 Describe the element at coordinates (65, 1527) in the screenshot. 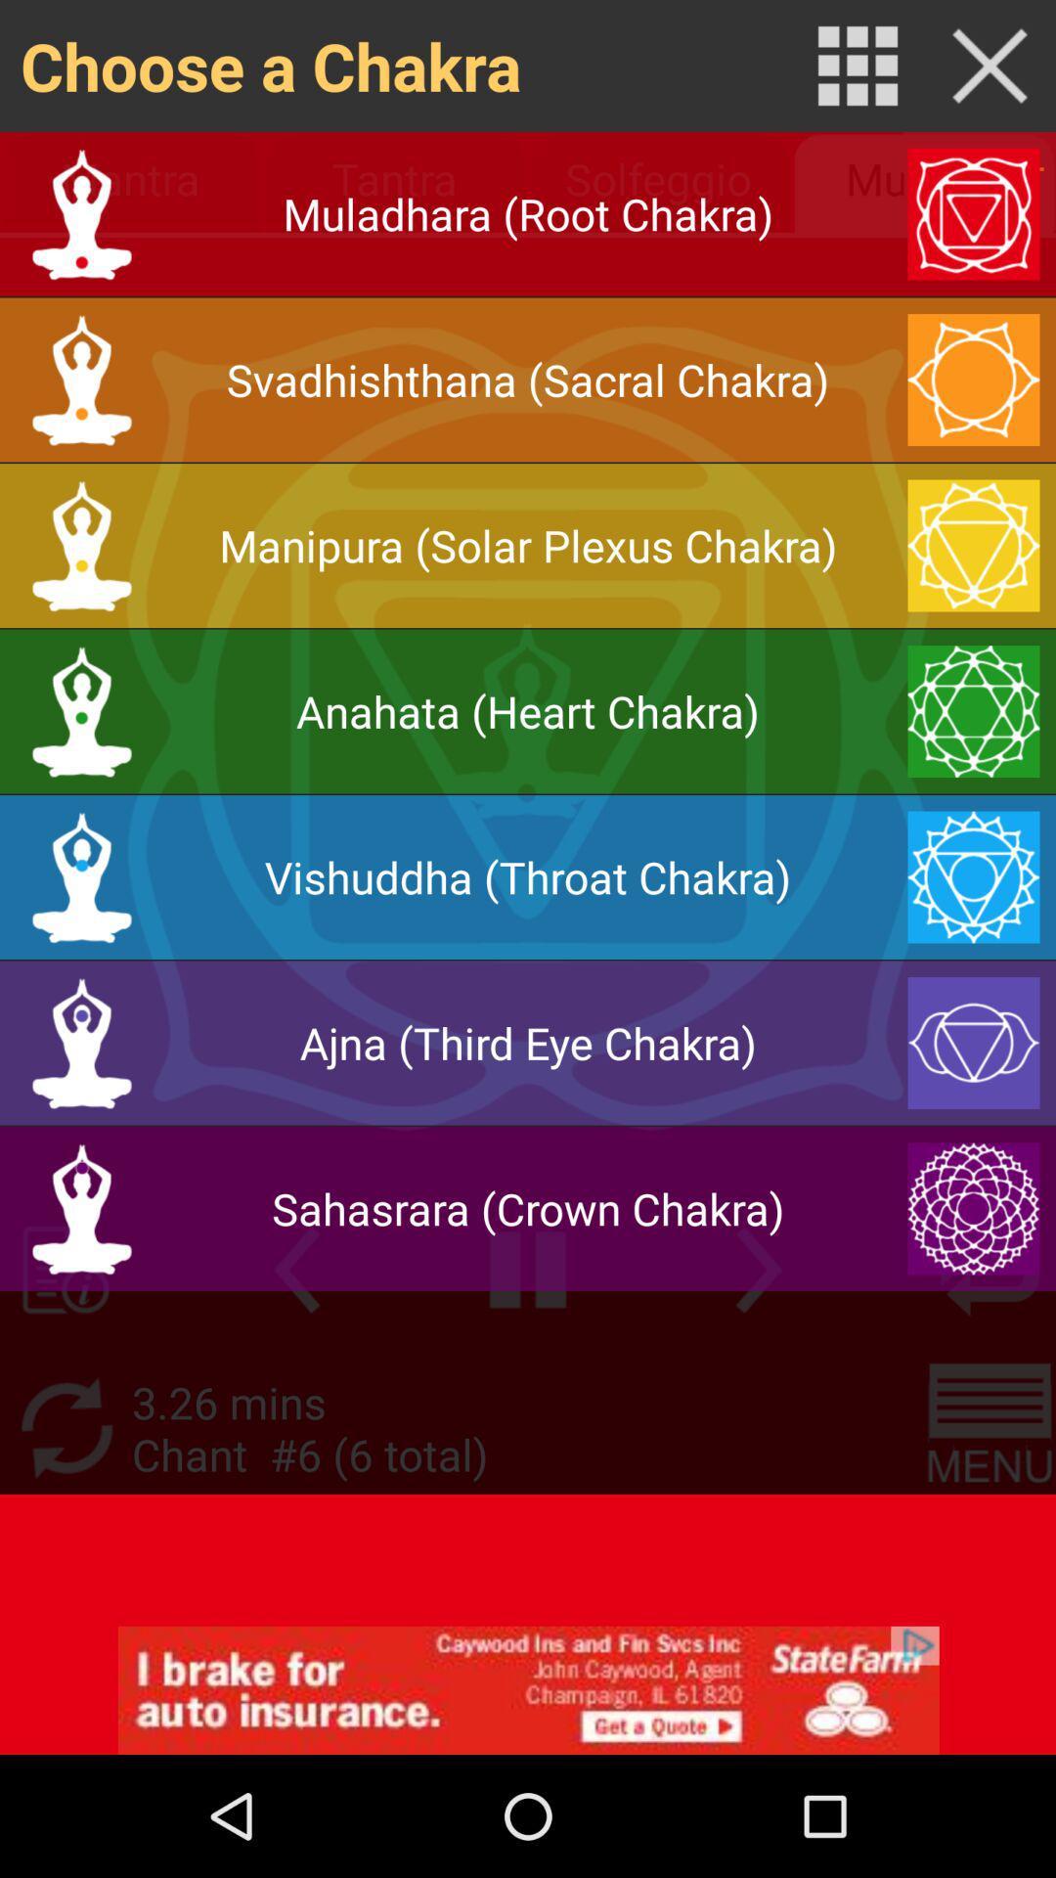

I see `the refresh icon` at that location.